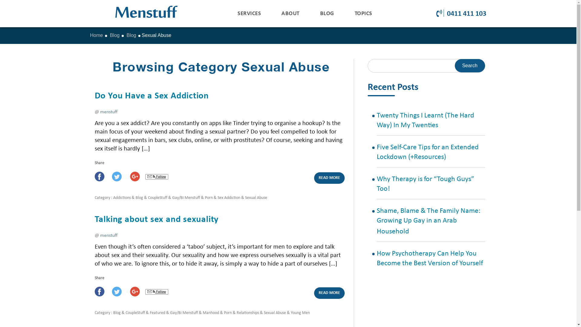  Describe the element at coordinates (425, 120) in the screenshot. I see `'Twenty Things I Learnt (The Hard Way) In My Twenties'` at that location.